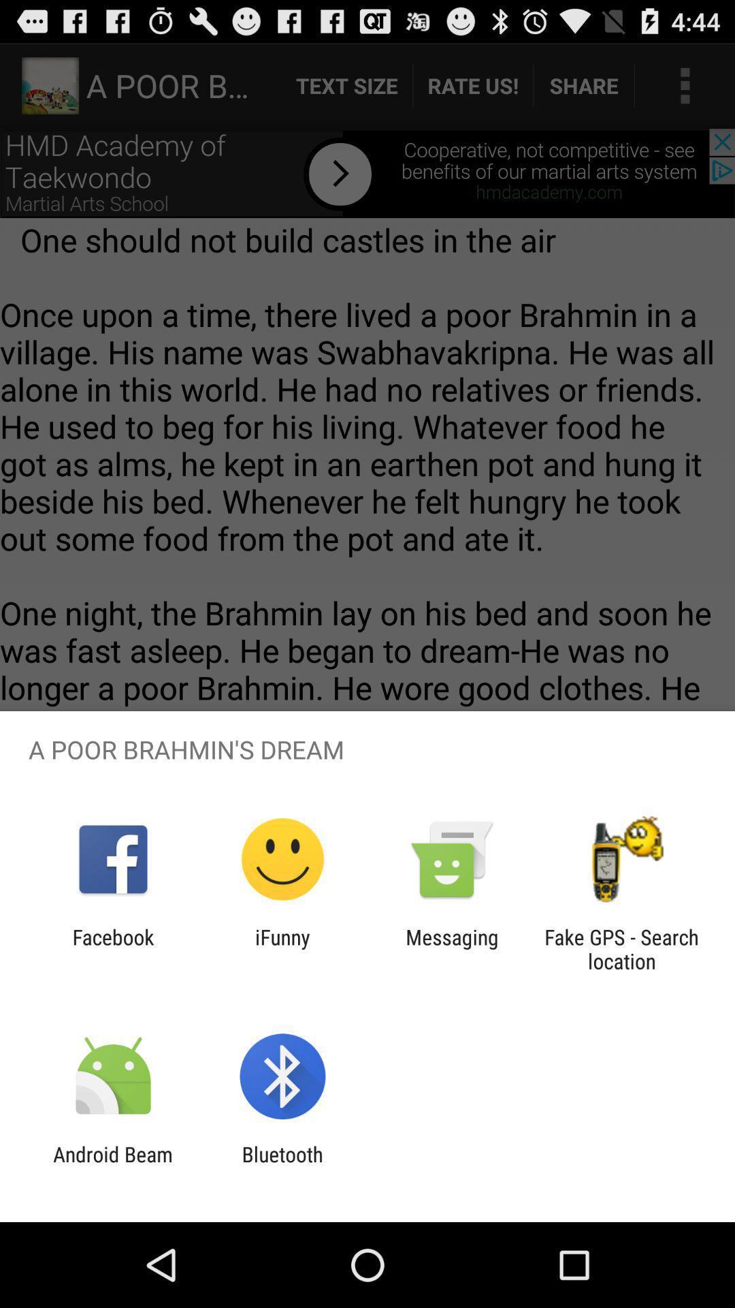  Describe the element at coordinates (282, 948) in the screenshot. I see `app next to messaging` at that location.